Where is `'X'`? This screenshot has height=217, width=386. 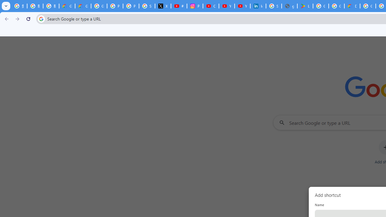
'X' is located at coordinates (163, 6).